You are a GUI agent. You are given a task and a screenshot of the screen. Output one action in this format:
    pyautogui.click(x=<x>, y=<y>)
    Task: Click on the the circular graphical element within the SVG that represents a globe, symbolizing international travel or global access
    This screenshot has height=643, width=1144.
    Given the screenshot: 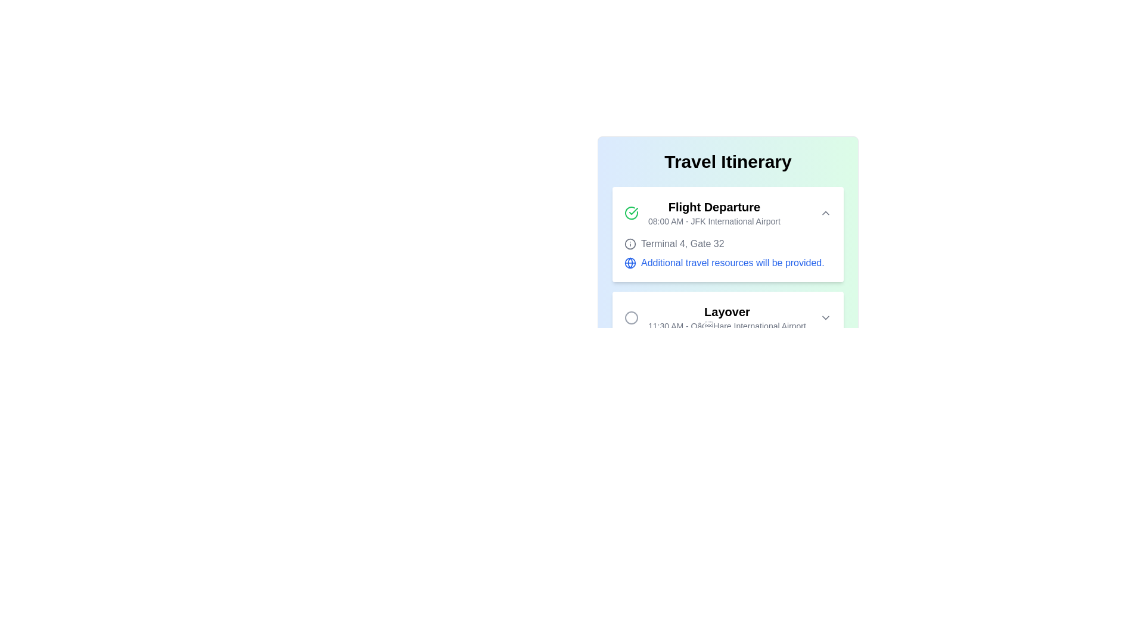 What is the action you would take?
    pyautogui.click(x=629, y=263)
    